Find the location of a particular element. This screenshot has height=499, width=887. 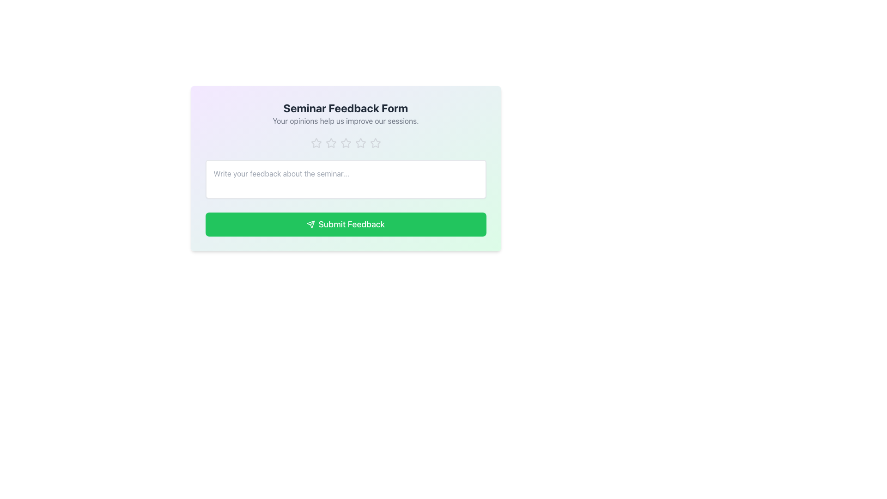

the 'Submit Feedback' button, which is a rectangular button with a vivid green background and white bold text, located at the bottom of the 'Seminar Feedback Form.' is located at coordinates (345, 225).